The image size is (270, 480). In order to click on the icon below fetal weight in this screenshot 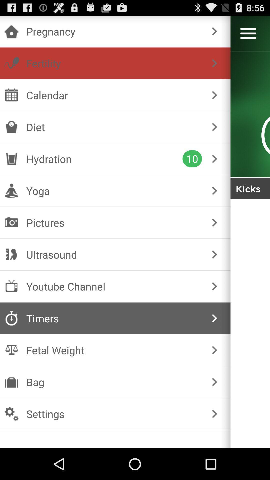, I will do `click(114, 382)`.